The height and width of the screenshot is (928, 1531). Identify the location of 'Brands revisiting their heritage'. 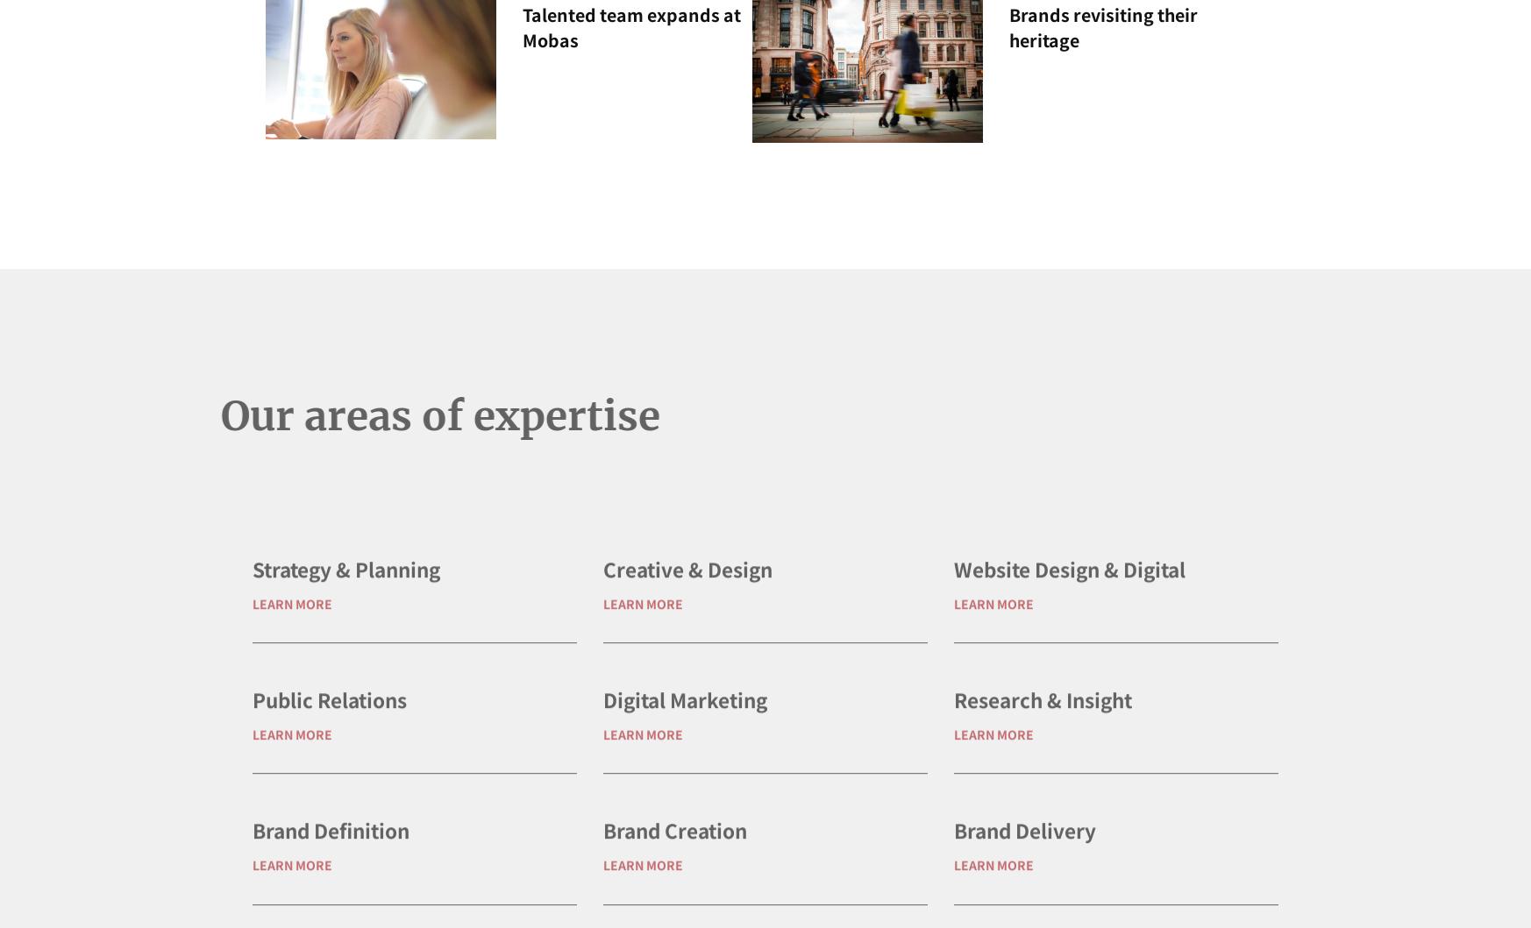
(1101, 27).